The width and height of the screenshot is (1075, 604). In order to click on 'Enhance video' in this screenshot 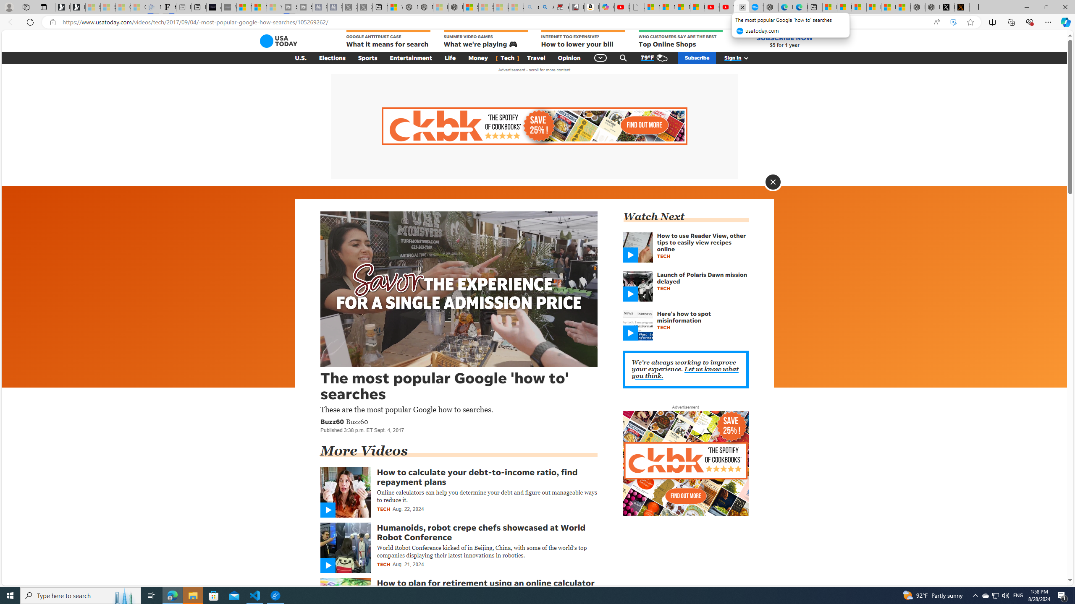, I will do `click(953, 22)`.